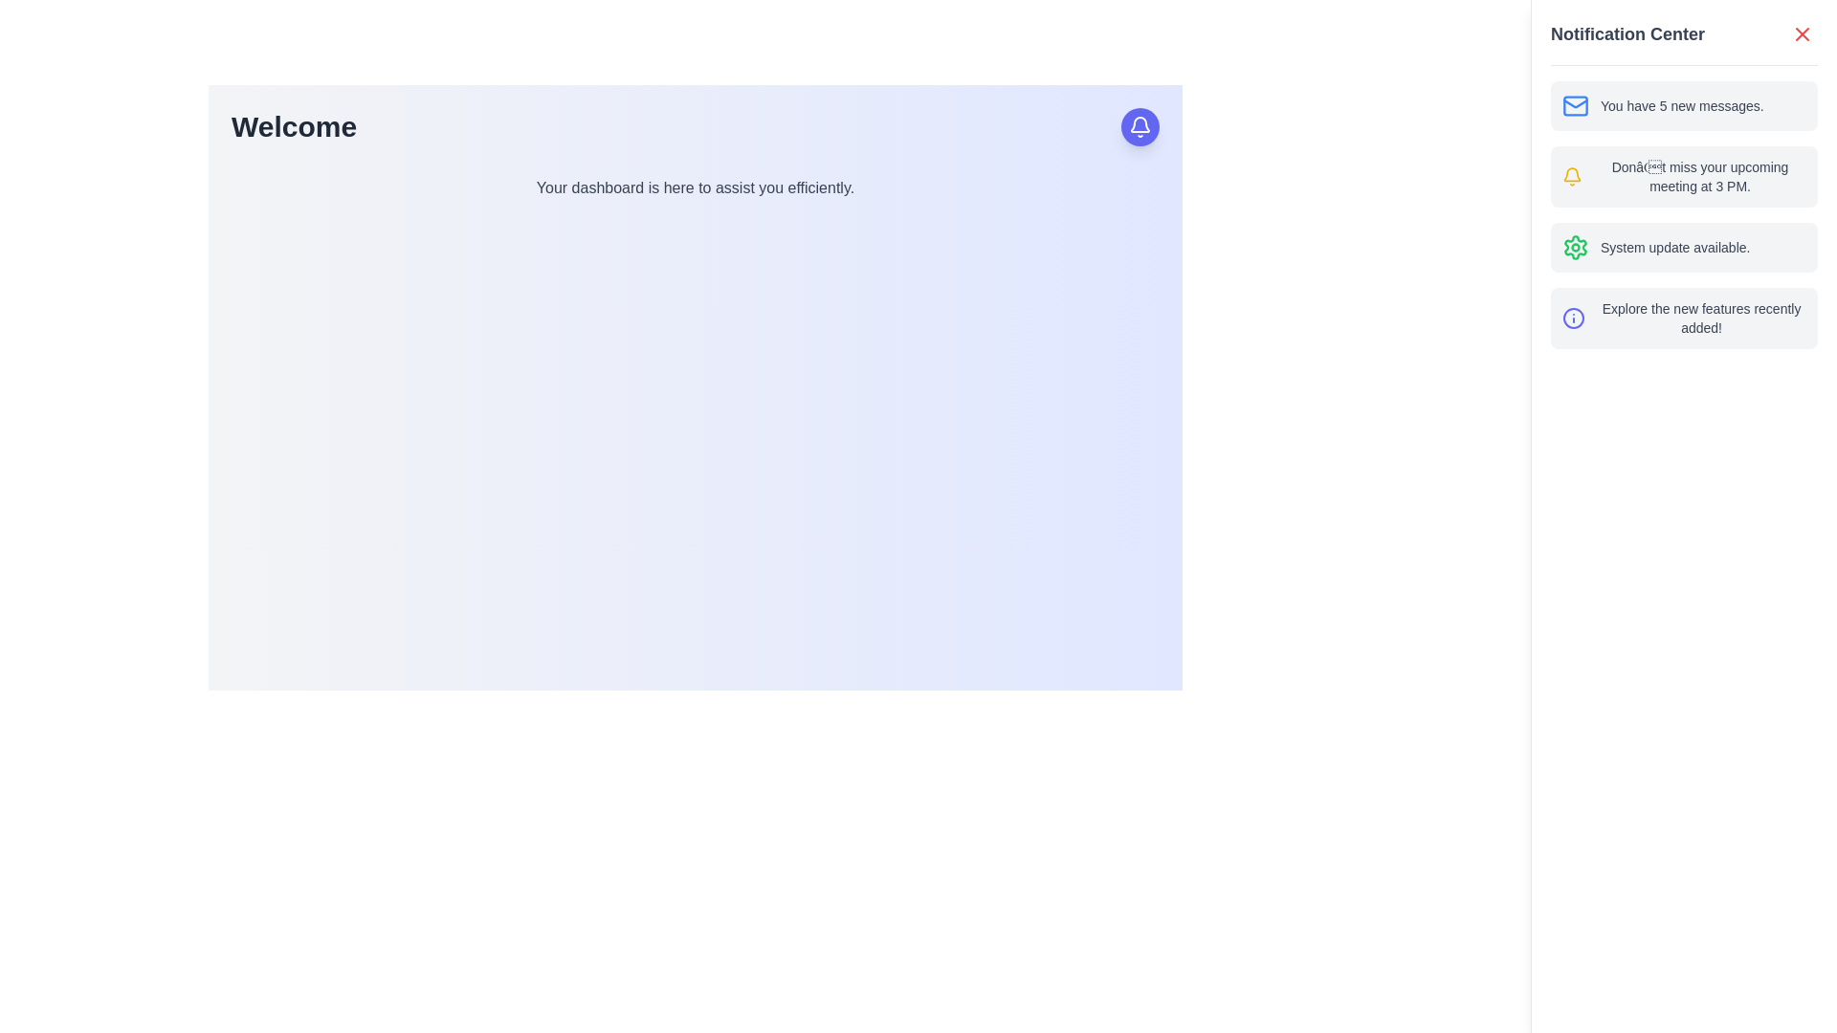 The width and height of the screenshot is (1837, 1033). Describe the element at coordinates (1627, 33) in the screenshot. I see `the 'Notification Center' text label, which is a bold, dark gray label positioned at the top of the notification panel` at that location.